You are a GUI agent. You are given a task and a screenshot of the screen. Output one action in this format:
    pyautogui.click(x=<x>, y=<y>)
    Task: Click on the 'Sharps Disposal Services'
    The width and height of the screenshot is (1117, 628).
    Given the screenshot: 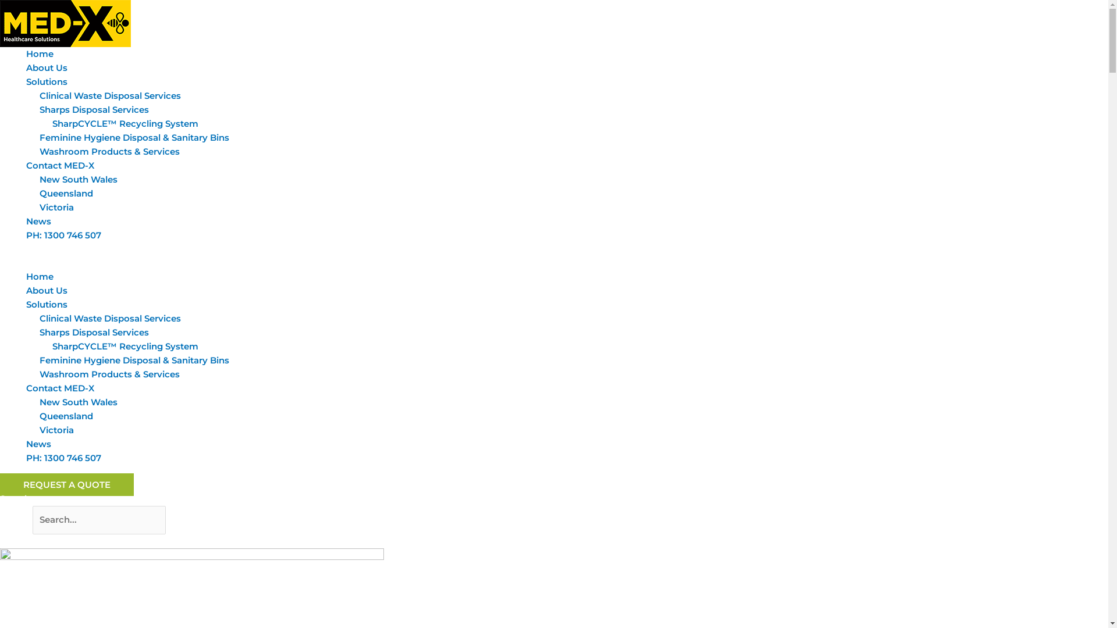 What is the action you would take?
    pyautogui.click(x=94, y=332)
    